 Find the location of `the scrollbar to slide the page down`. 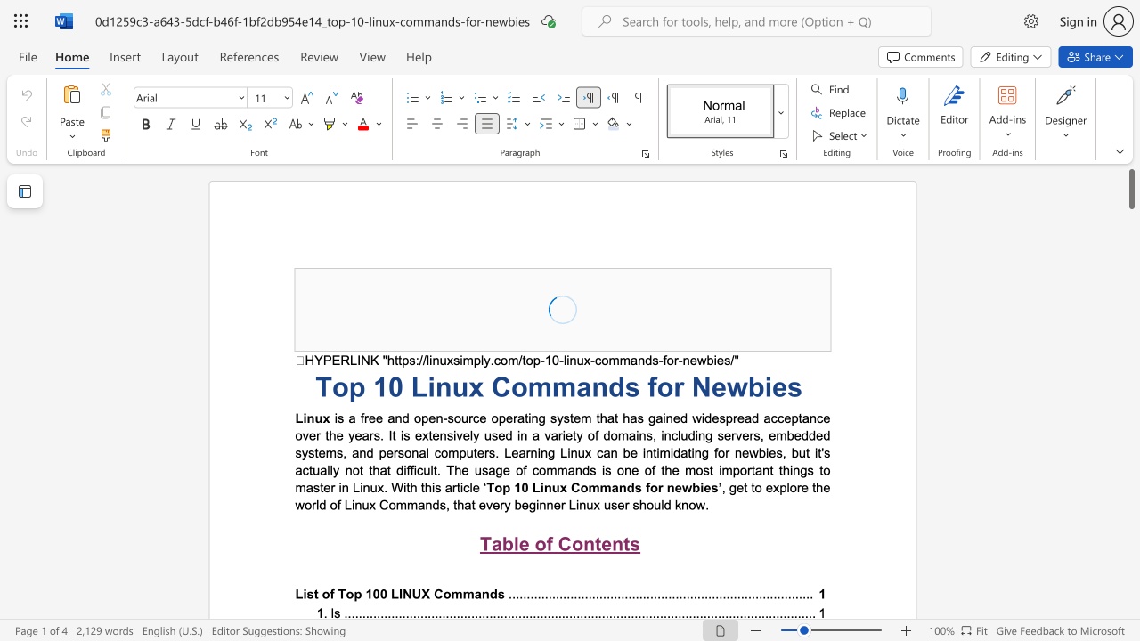

the scrollbar to slide the page down is located at coordinates (1130, 249).